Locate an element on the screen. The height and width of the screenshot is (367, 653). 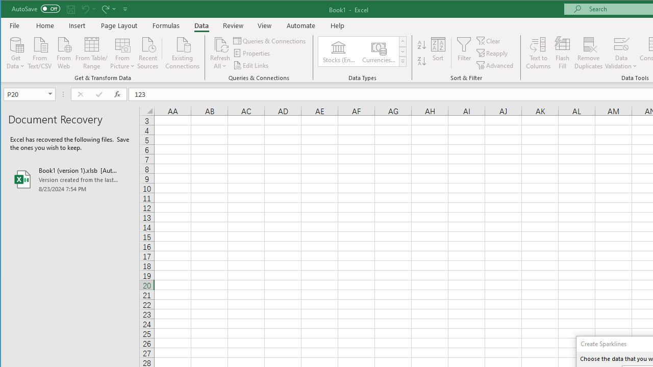
'Advanced...' is located at coordinates (495, 65).